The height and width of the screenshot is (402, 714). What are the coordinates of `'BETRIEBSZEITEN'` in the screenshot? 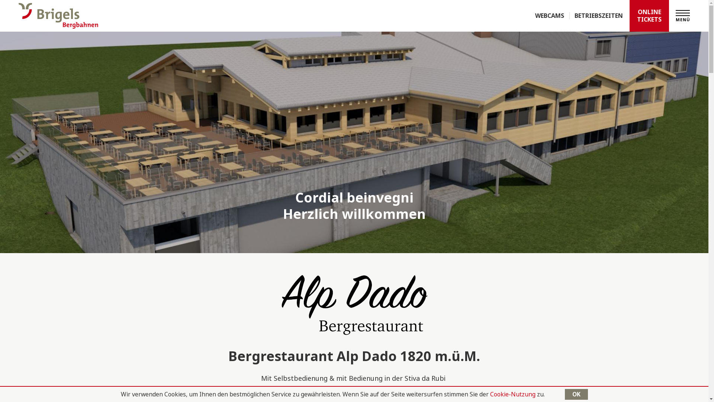 It's located at (596, 16).